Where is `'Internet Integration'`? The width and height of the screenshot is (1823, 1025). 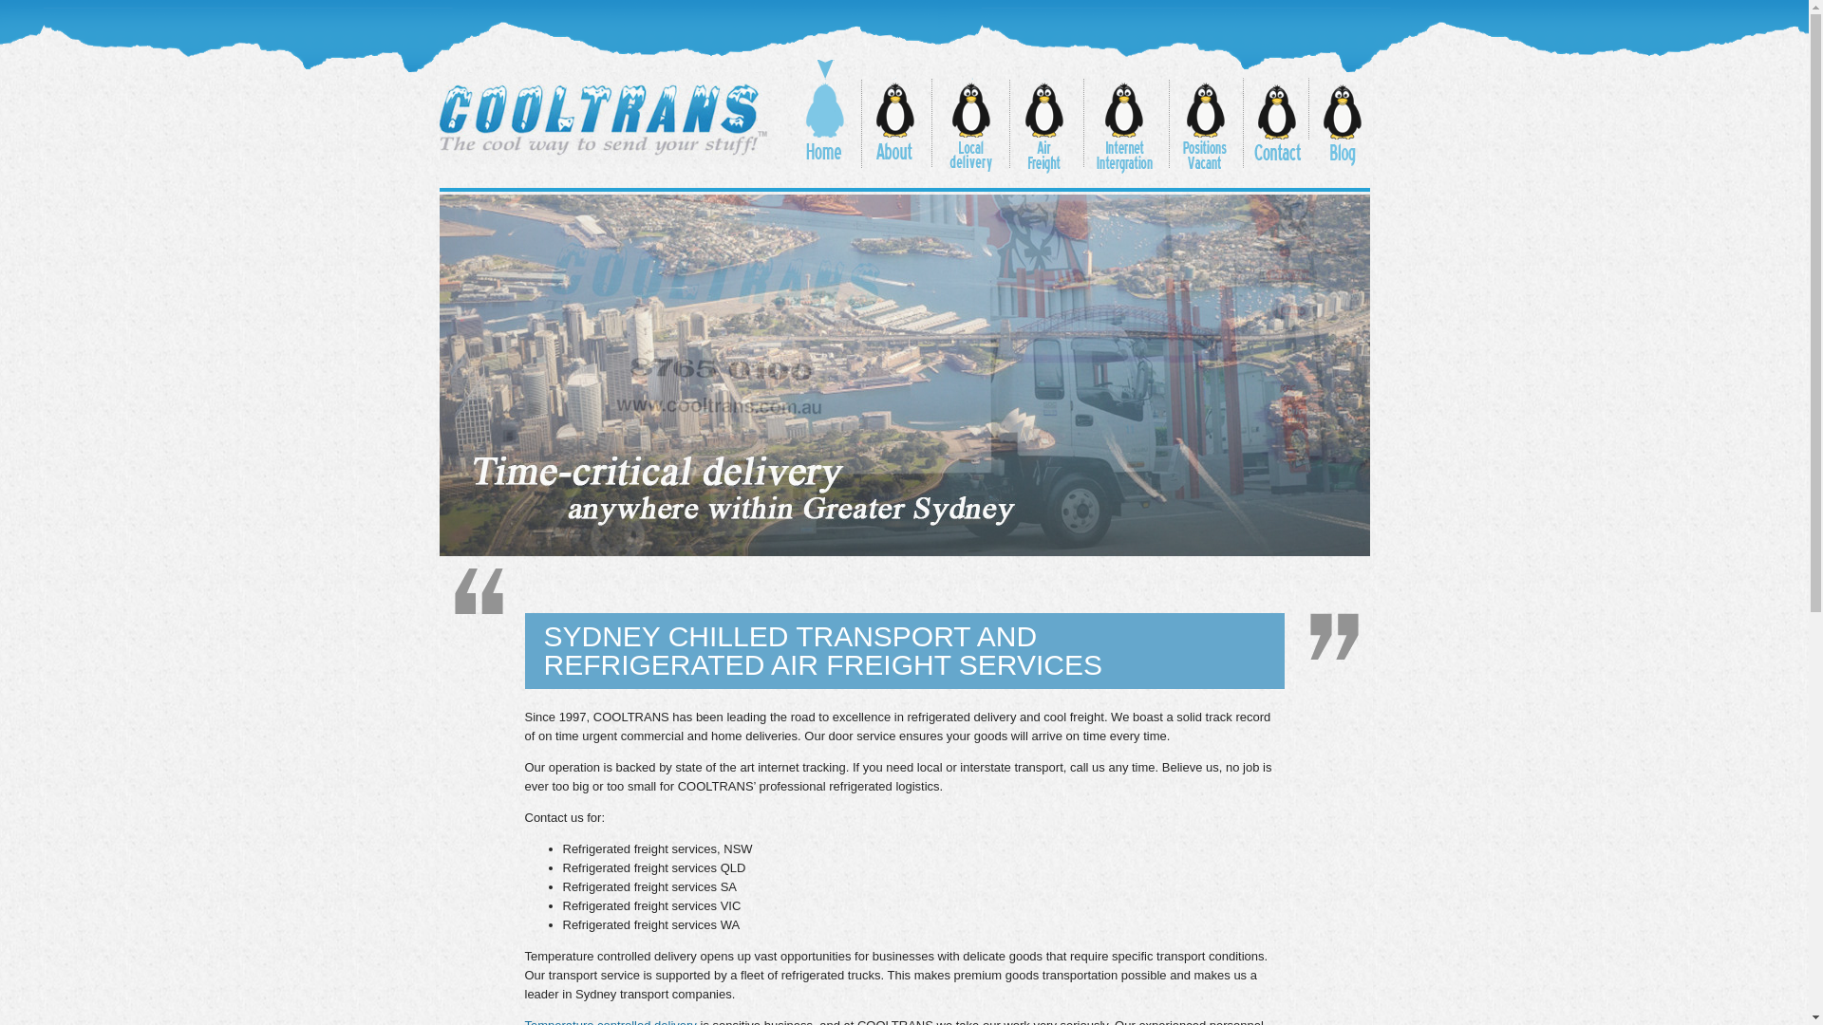 'Internet Integration' is located at coordinates (1124, 117).